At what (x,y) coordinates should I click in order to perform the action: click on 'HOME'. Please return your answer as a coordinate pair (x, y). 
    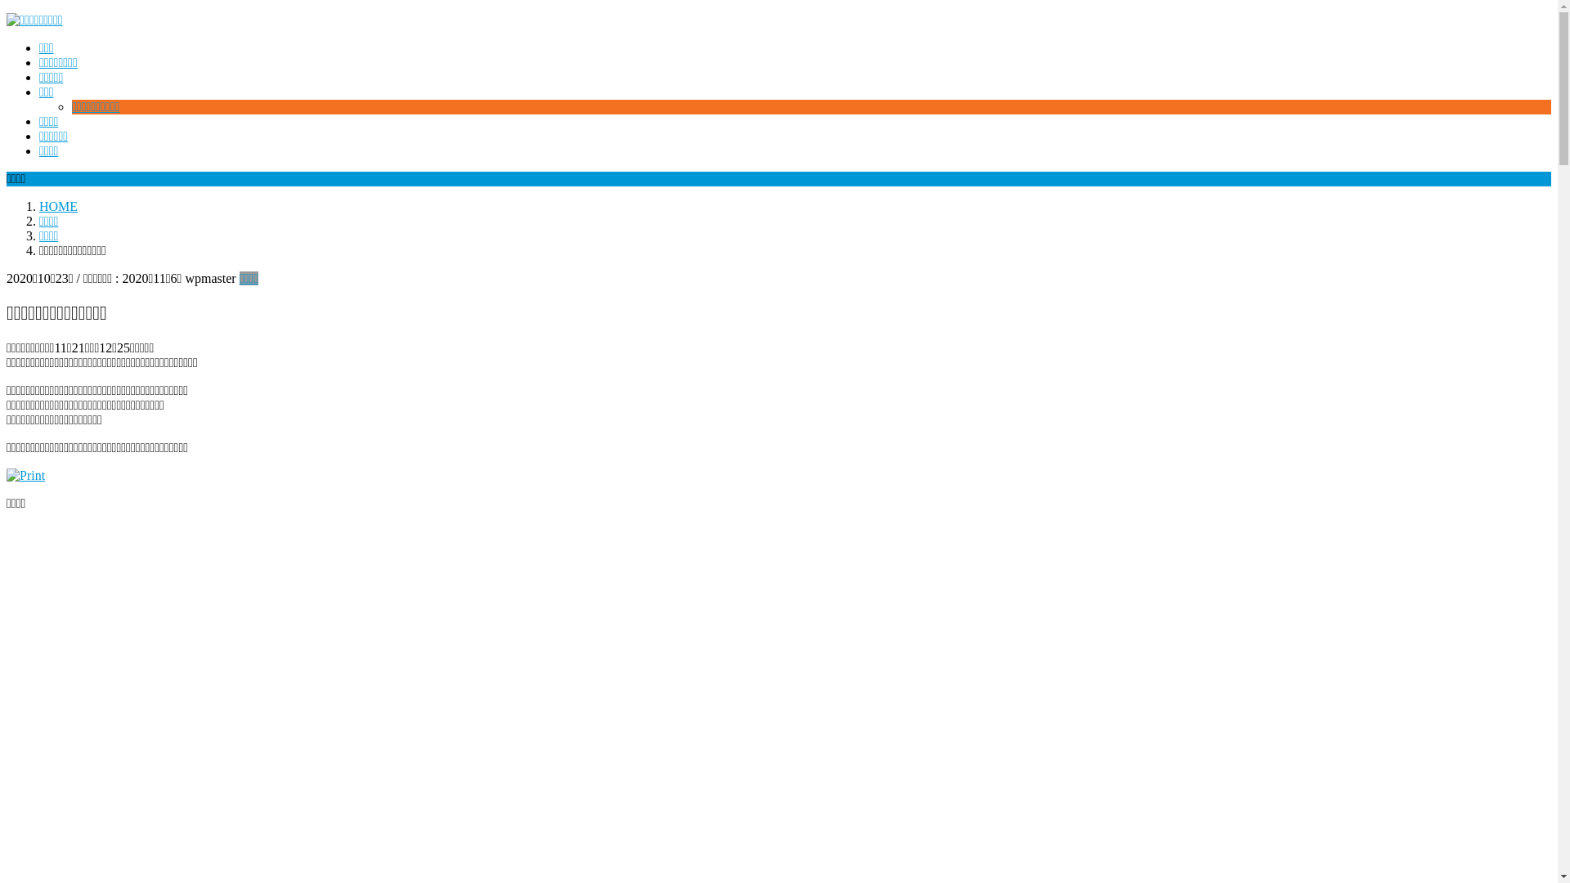
    Looking at the image, I should click on (58, 205).